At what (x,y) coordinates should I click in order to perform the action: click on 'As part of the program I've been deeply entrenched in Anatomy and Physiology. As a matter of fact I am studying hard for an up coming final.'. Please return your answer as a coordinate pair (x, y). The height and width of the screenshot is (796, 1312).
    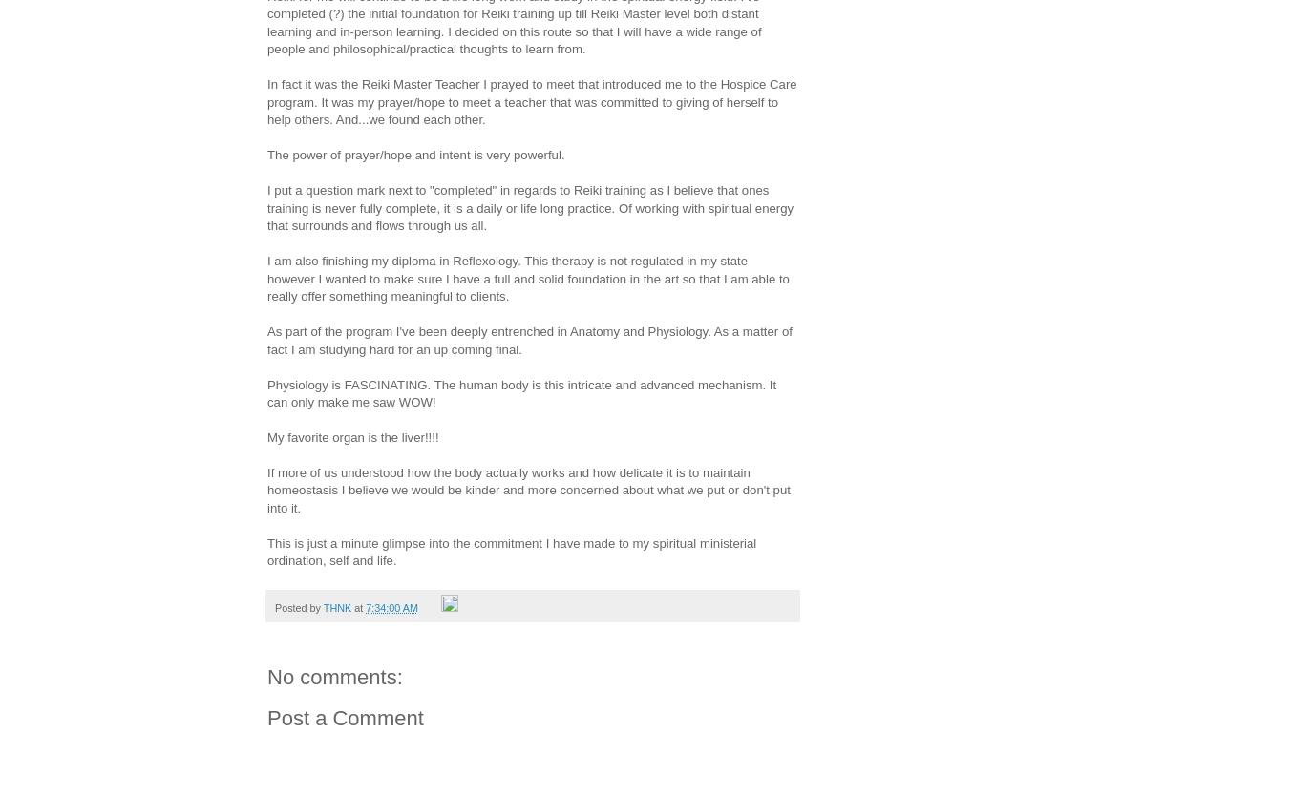
    Looking at the image, I should click on (529, 339).